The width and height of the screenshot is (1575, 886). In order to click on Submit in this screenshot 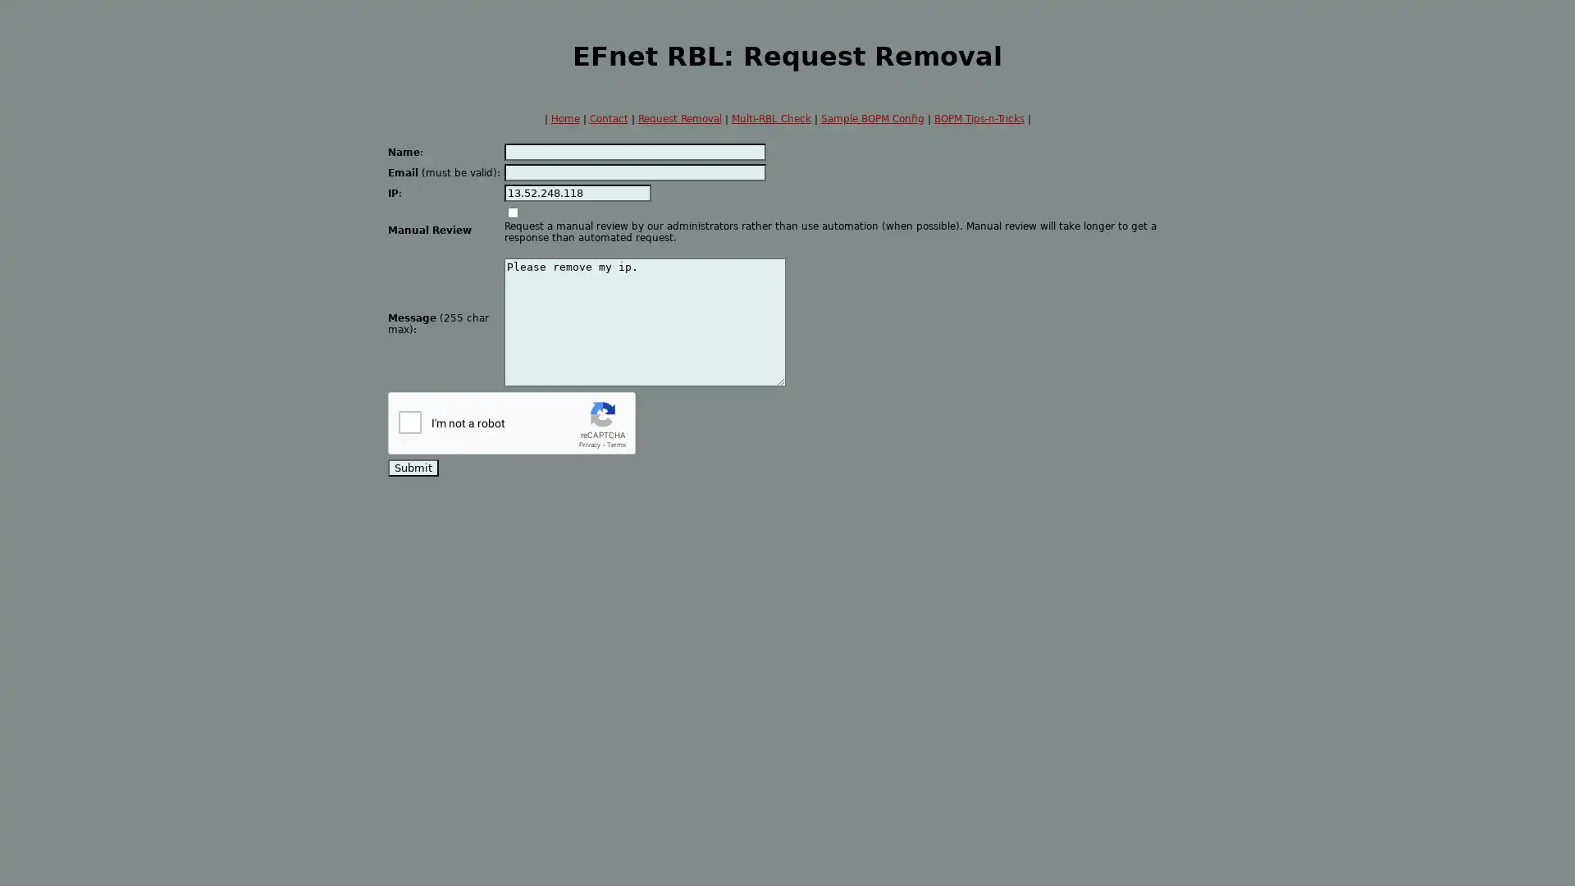, I will do `click(413, 468)`.